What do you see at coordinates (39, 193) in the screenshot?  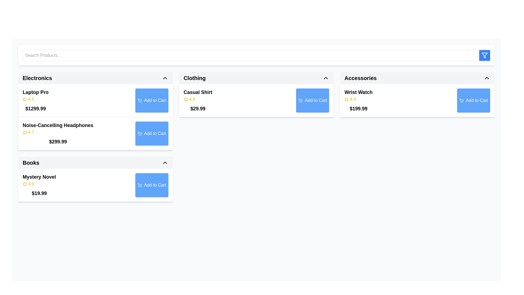 I see `the prominent price tag displaying '$19.99' in bold black text located in the 'Books' section under the 'Mystery Novel' listing` at bounding box center [39, 193].